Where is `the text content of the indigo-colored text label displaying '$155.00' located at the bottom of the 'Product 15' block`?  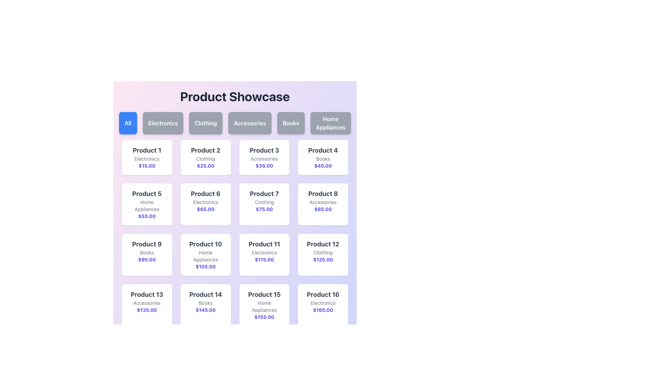 the text content of the indigo-colored text label displaying '$155.00' located at the bottom of the 'Product 15' block is located at coordinates (264, 317).